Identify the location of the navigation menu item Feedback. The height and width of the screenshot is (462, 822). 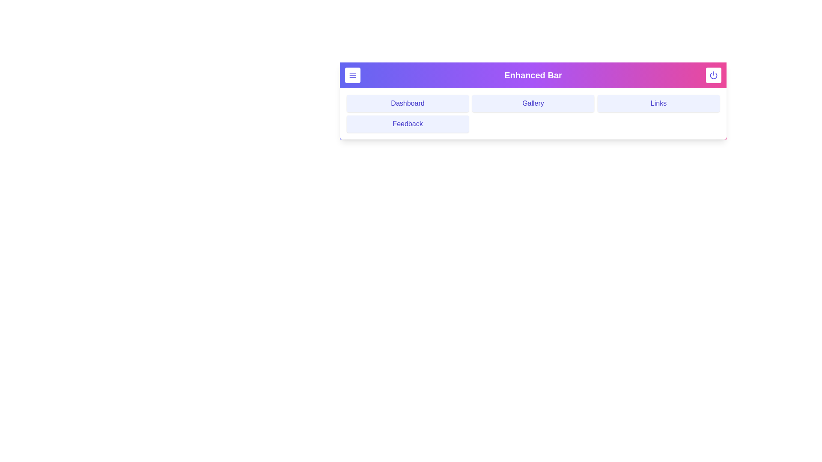
(407, 124).